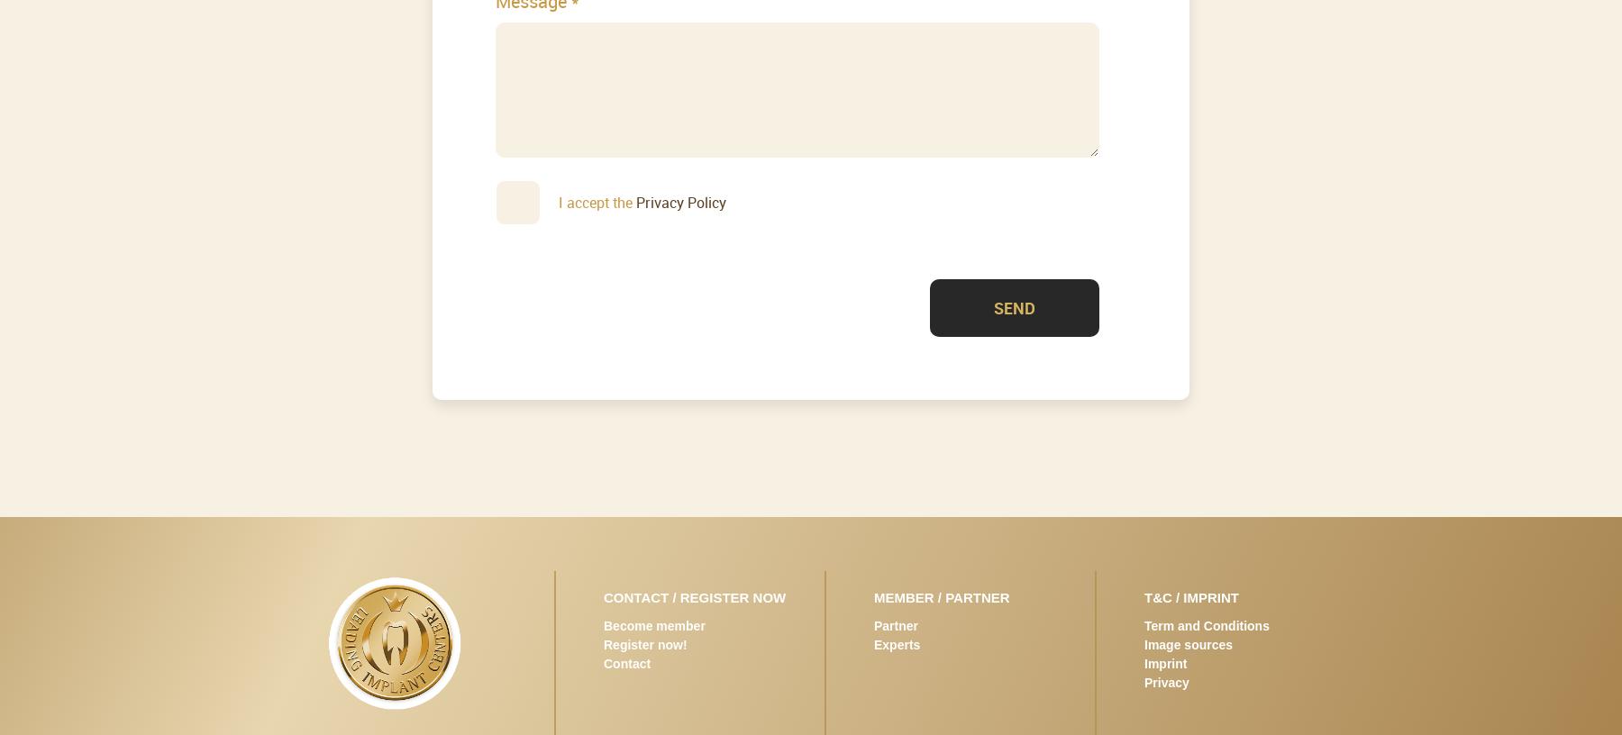 This screenshot has width=1622, height=735. Describe the element at coordinates (597, 200) in the screenshot. I see `'I accept the'` at that location.